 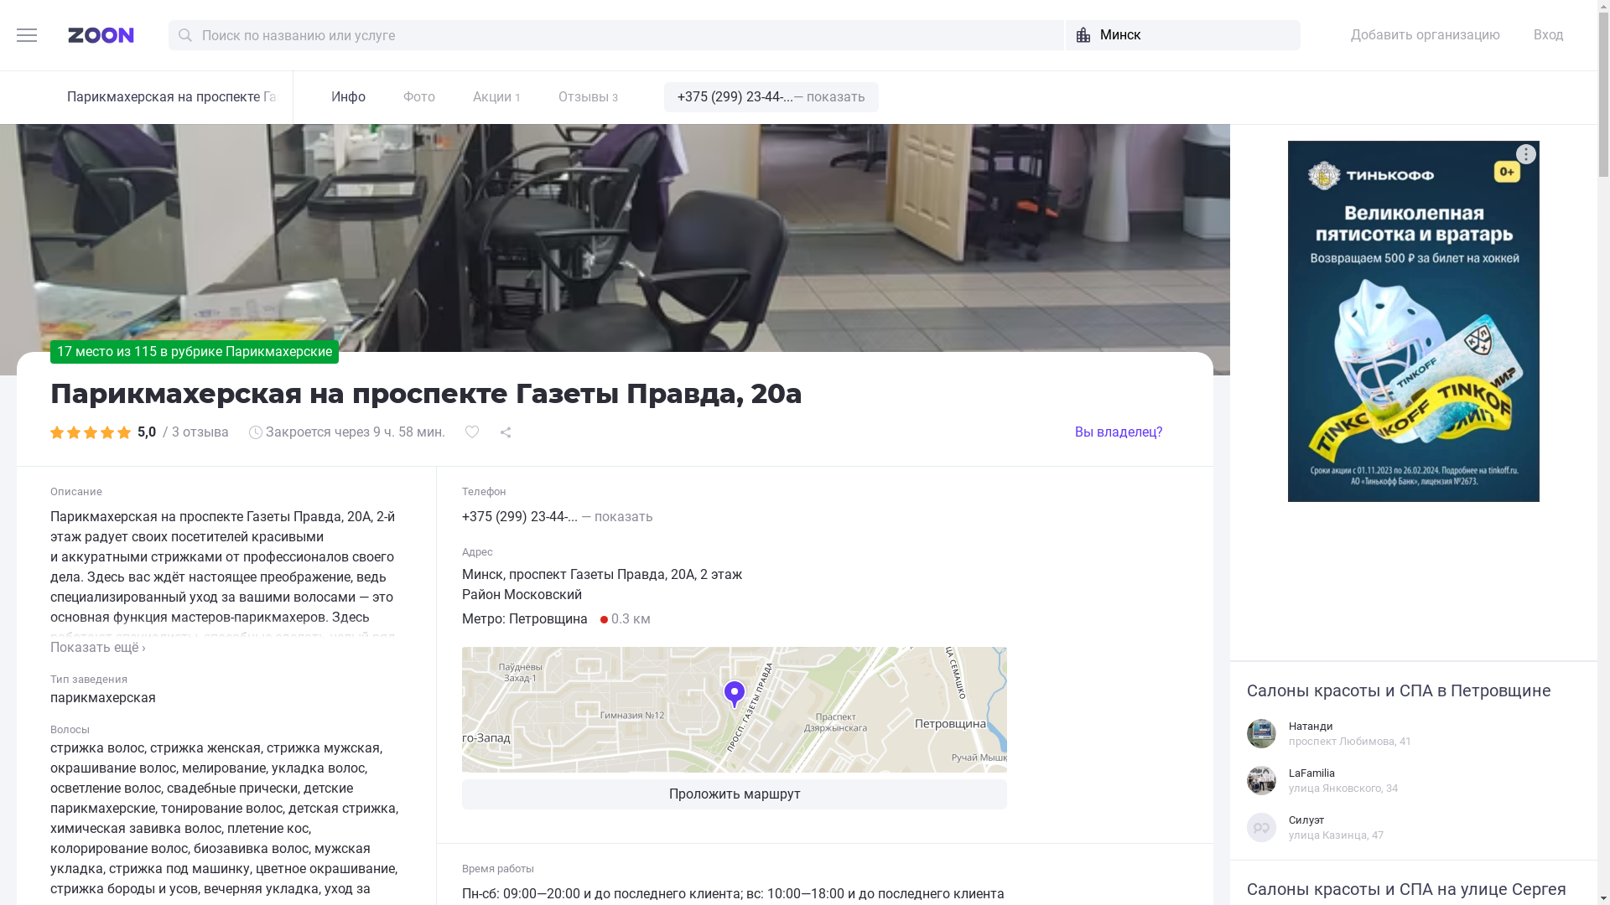 What do you see at coordinates (1311, 773) in the screenshot?
I see `'LaFamilia'` at bounding box center [1311, 773].